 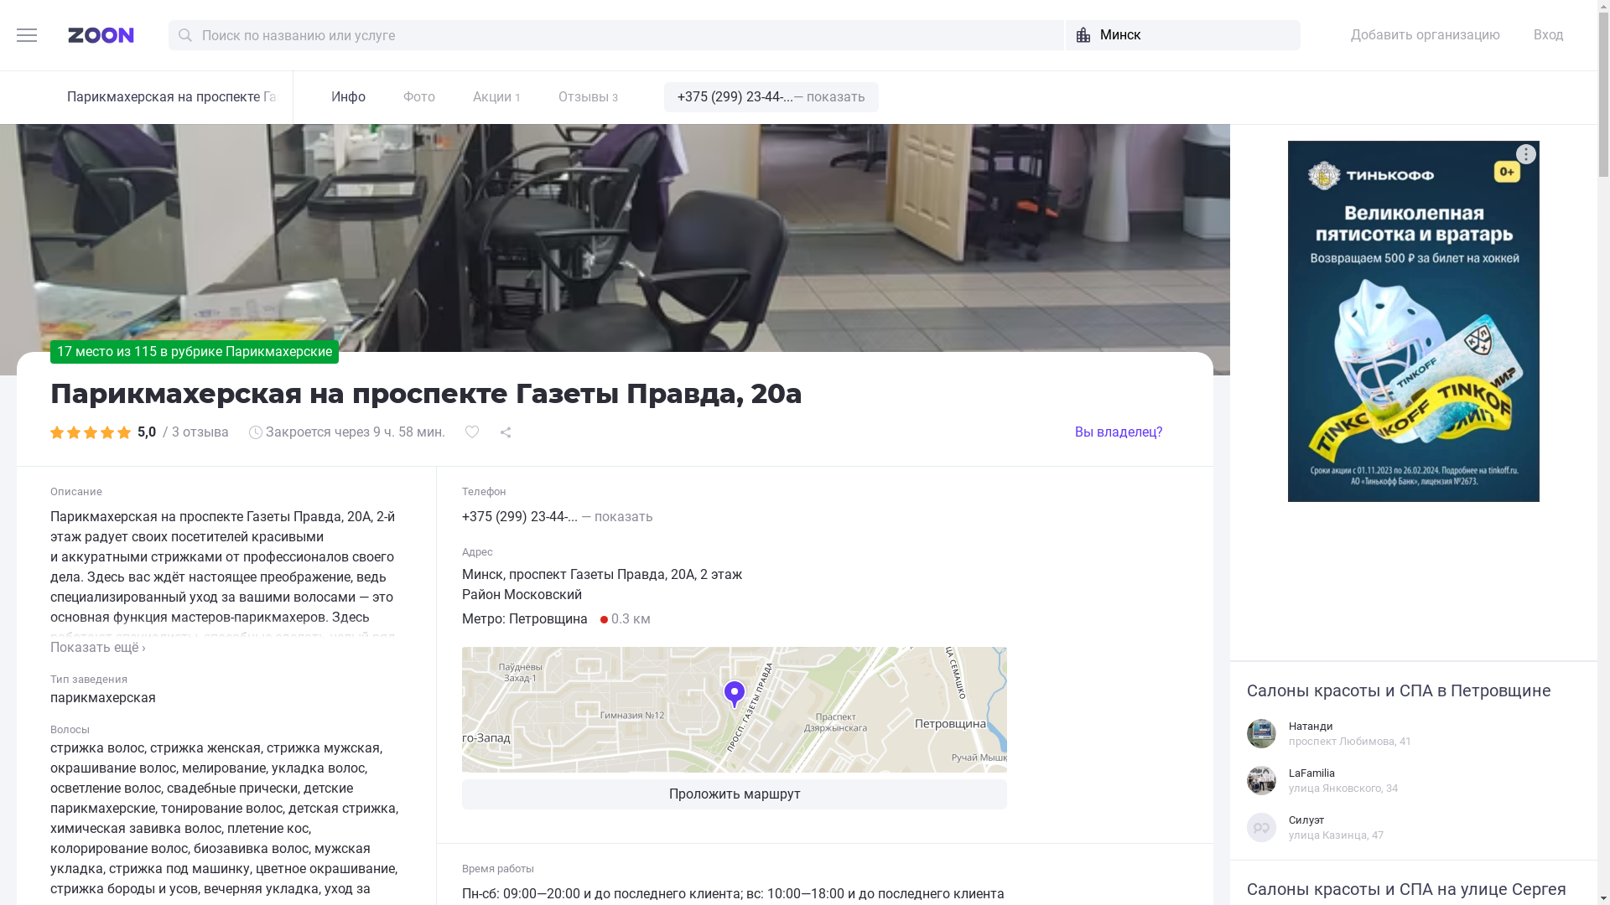 What do you see at coordinates (1311, 773) in the screenshot?
I see `'LaFamilia'` at bounding box center [1311, 773].